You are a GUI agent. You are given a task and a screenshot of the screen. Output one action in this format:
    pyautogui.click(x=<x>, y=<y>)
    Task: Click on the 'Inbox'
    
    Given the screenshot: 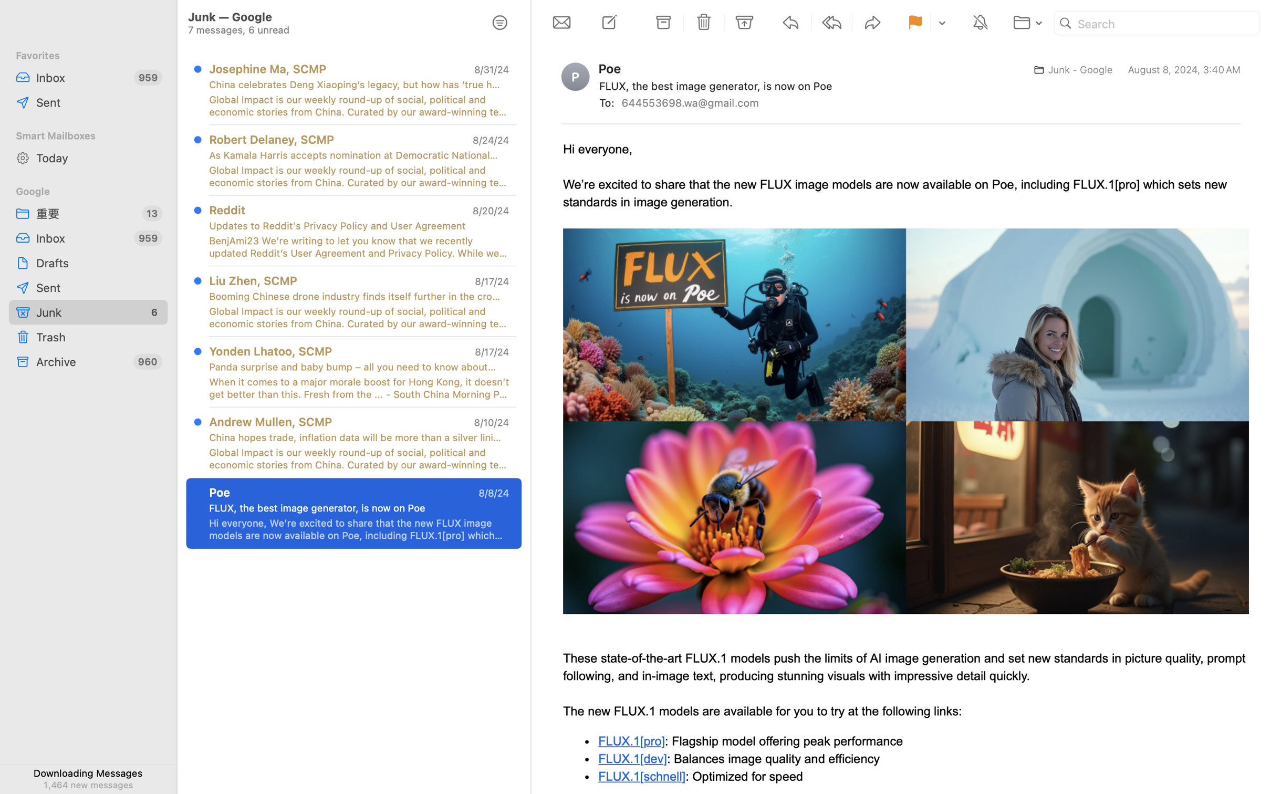 What is the action you would take?
    pyautogui.click(x=81, y=78)
    